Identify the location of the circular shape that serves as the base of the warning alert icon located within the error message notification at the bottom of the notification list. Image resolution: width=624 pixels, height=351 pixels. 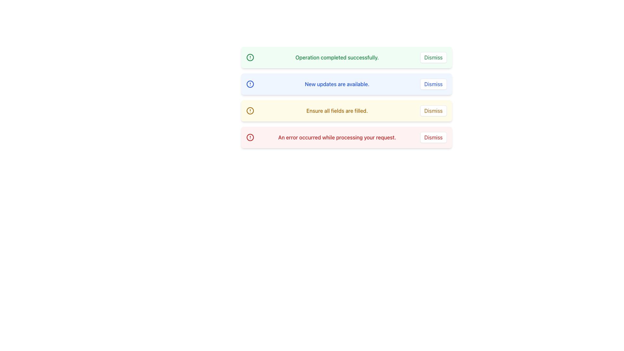
(250, 137).